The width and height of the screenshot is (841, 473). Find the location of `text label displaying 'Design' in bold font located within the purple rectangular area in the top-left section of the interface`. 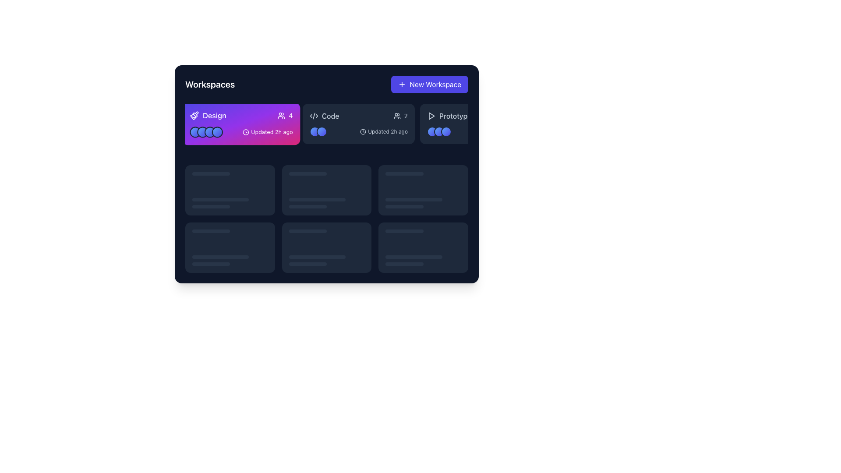

text label displaying 'Design' in bold font located within the purple rectangular area in the top-left section of the interface is located at coordinates (214, 115).